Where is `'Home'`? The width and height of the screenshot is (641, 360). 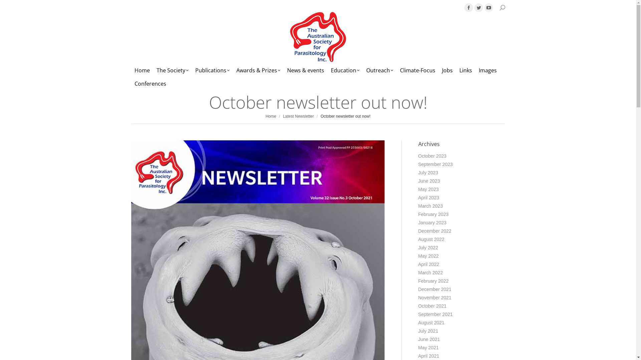
'Home' is located at coordinates (142, 70).